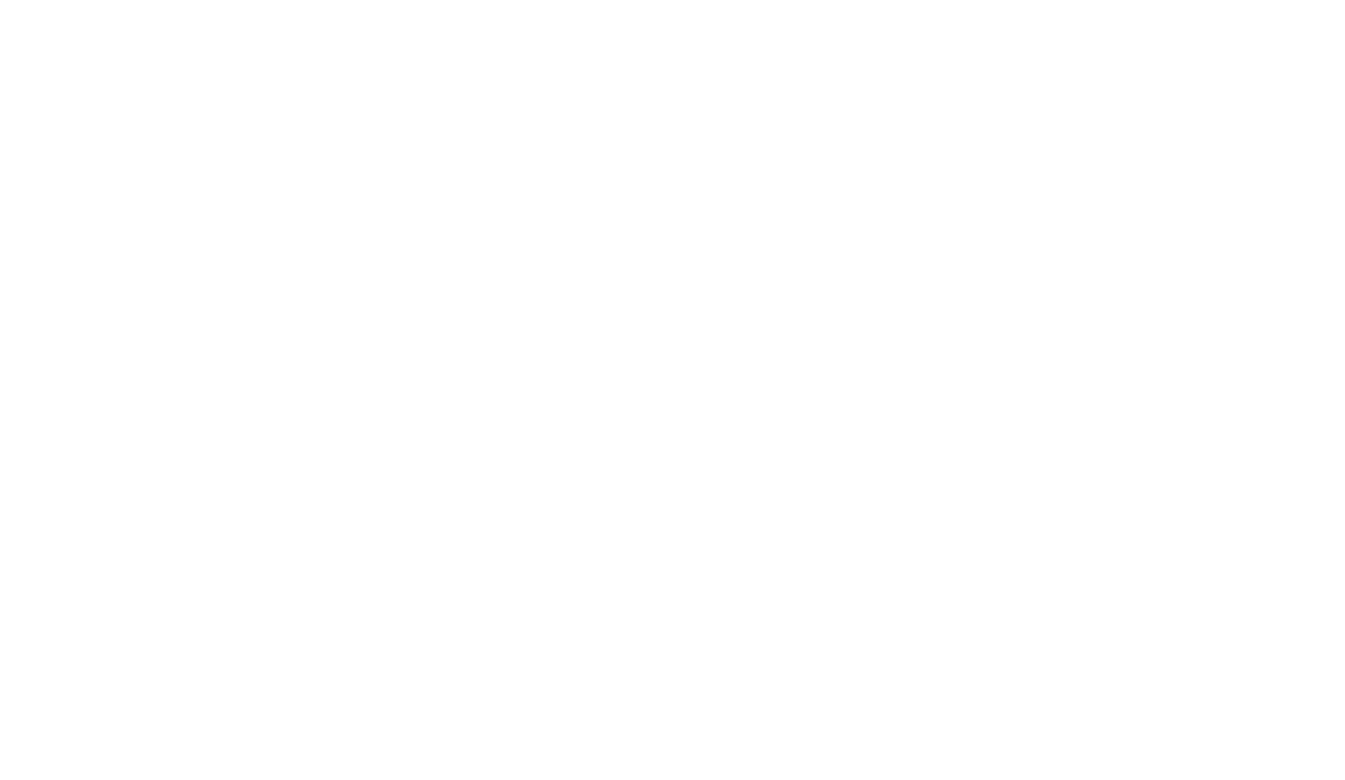  What do you see at coordinates (672, 730) in the screenshot?
I see `'Copyright 2018 Luxair S.A.'` at bounding box center [672, 730].